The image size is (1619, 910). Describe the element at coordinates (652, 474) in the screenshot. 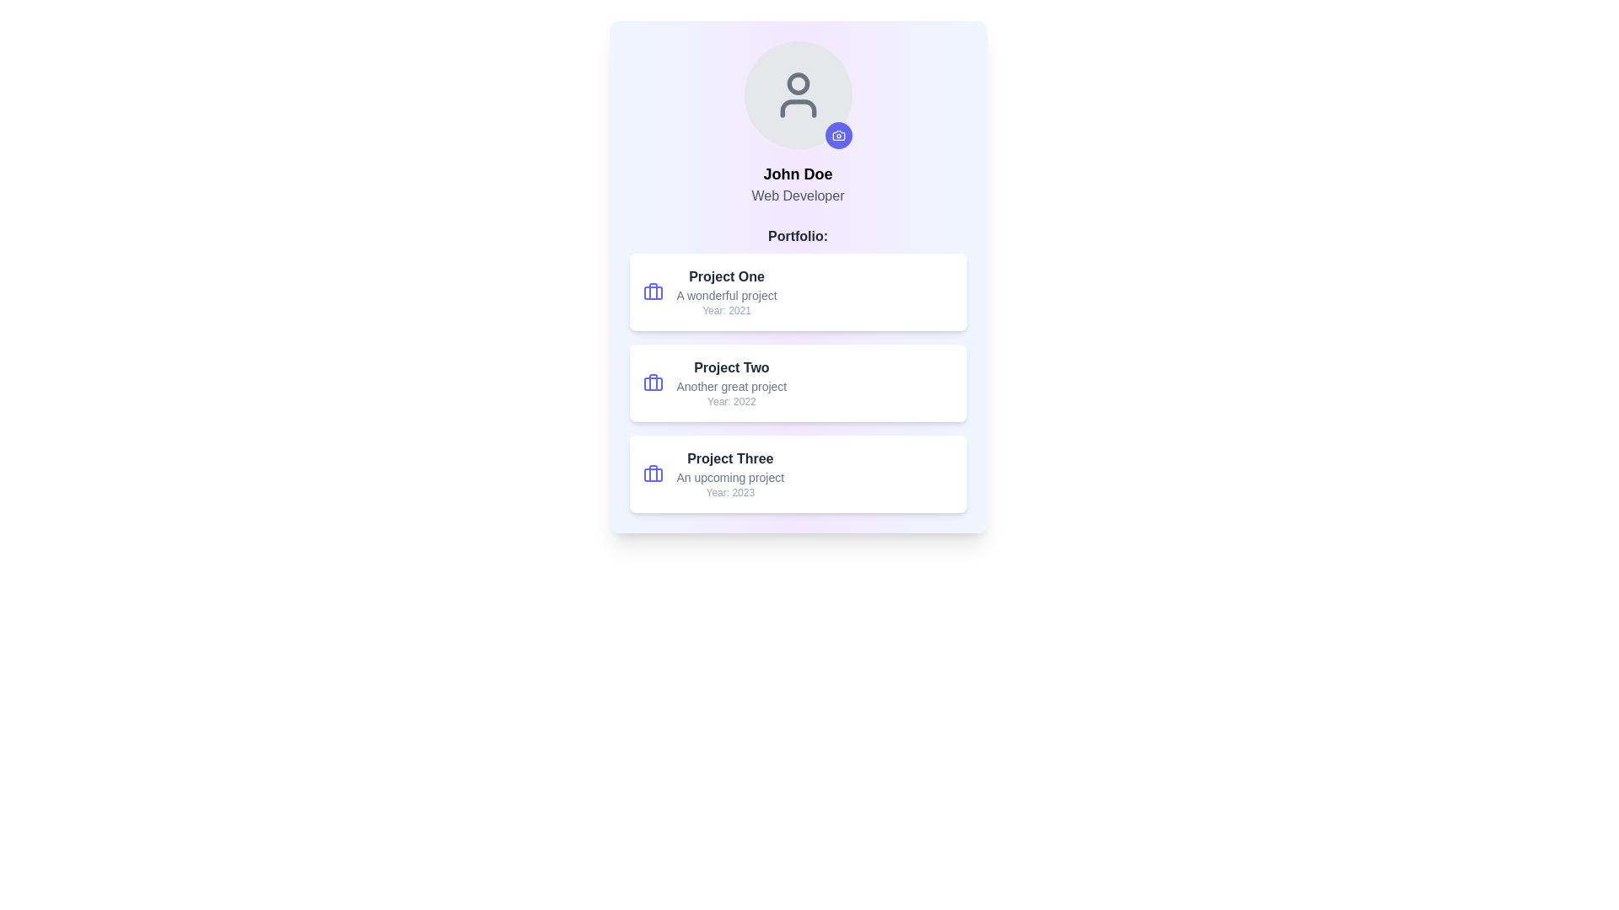

I see `the indigo line-drawn briefcase icon located next to the text 'Project Three' and 'An upcoming project', which is aligned to the left of the descriptive text` at that location.